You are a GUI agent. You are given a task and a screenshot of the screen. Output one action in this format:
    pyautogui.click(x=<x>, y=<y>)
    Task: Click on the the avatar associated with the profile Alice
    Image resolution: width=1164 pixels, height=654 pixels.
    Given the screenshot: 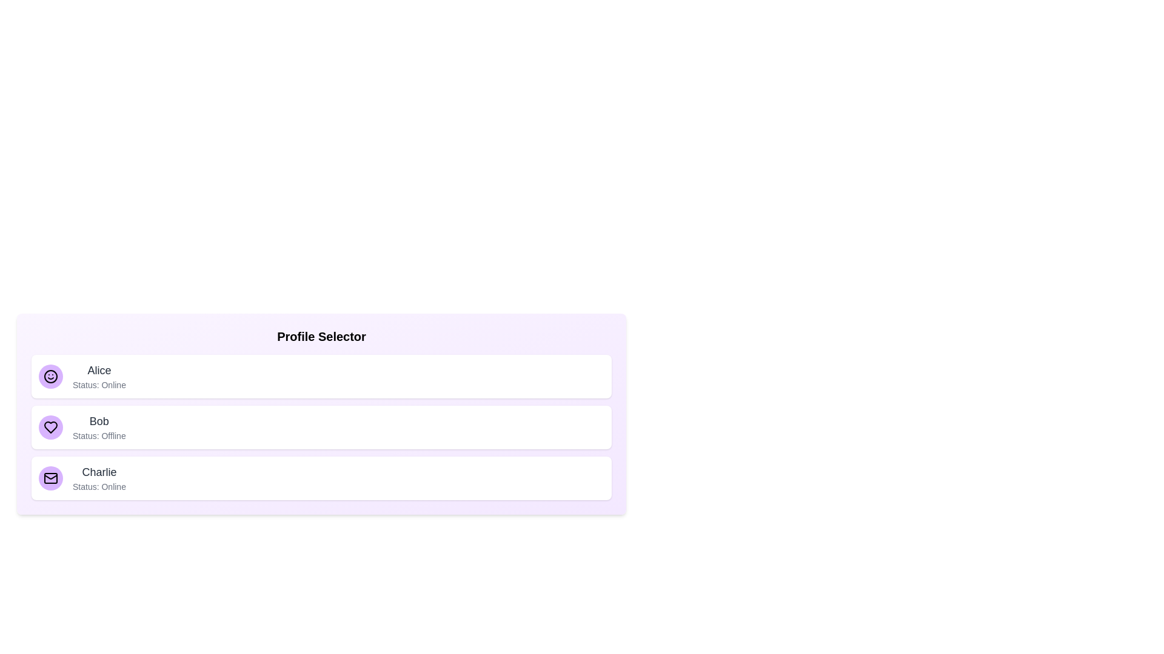 What is the action you would take?
    pyautogui.click(x=50, y=375)
    